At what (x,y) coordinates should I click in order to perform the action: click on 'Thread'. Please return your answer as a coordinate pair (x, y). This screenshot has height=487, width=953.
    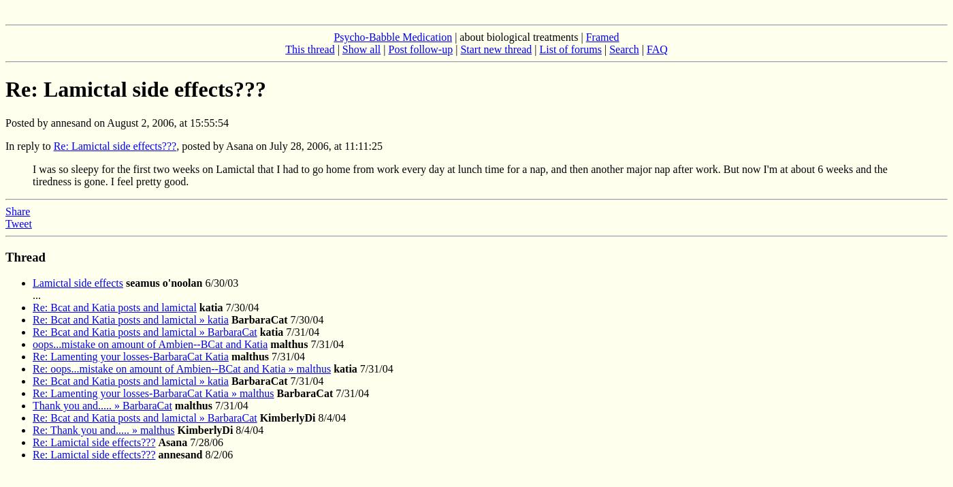
    Looking at the image, I should click on (25, 255).